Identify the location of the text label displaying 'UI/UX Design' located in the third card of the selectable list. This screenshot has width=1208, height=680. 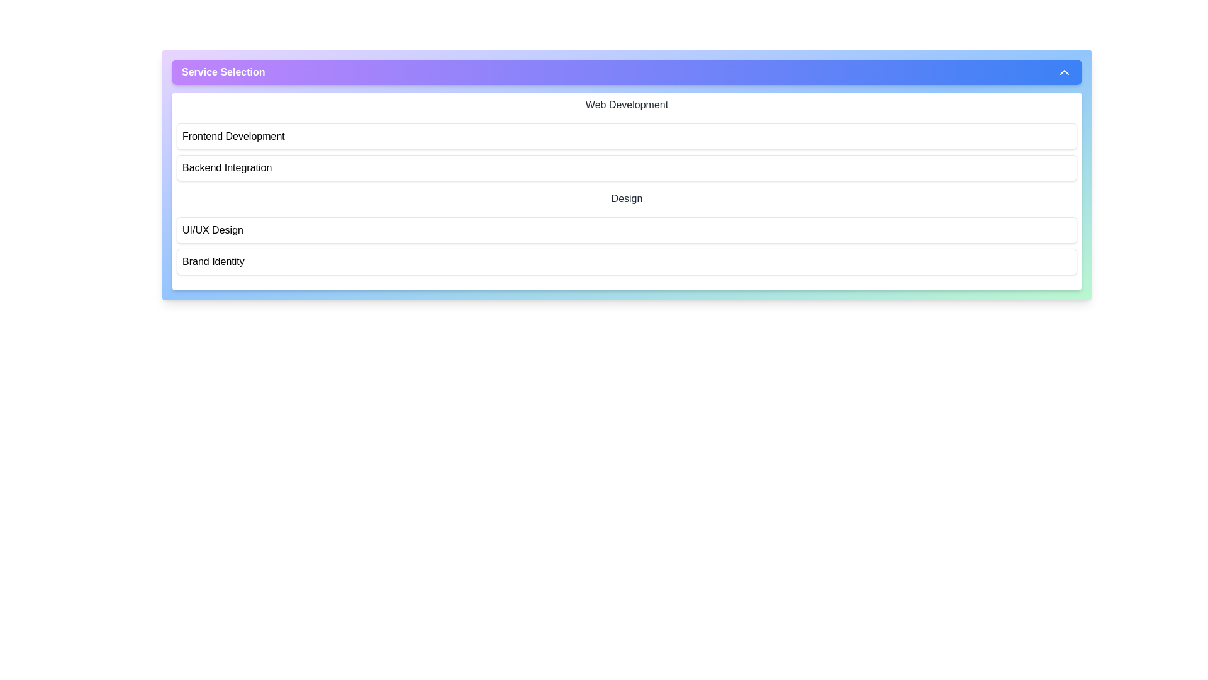
(213, 230).